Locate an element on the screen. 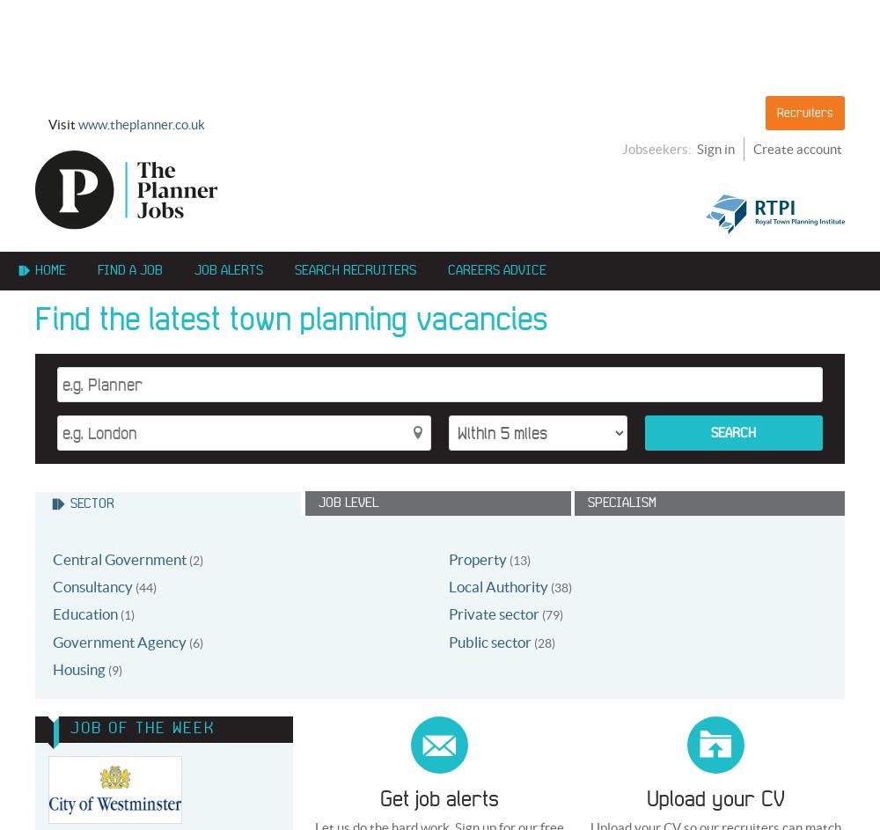 This screenshot has width=880, height=830. 'Find the latest town planning vacancies' is located at coordinates (290, 319).